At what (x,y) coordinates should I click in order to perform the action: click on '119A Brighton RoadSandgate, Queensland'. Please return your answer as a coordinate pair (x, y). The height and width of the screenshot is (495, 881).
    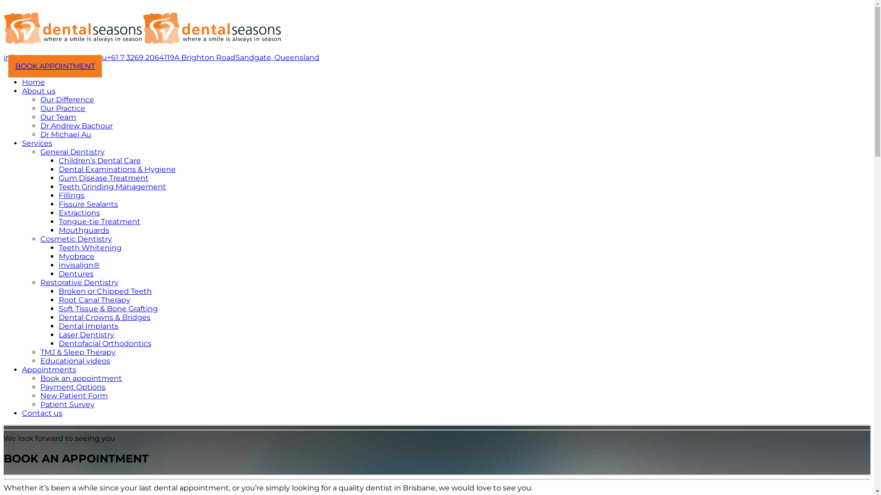
    Looking at the image, I should click on (242, 57).